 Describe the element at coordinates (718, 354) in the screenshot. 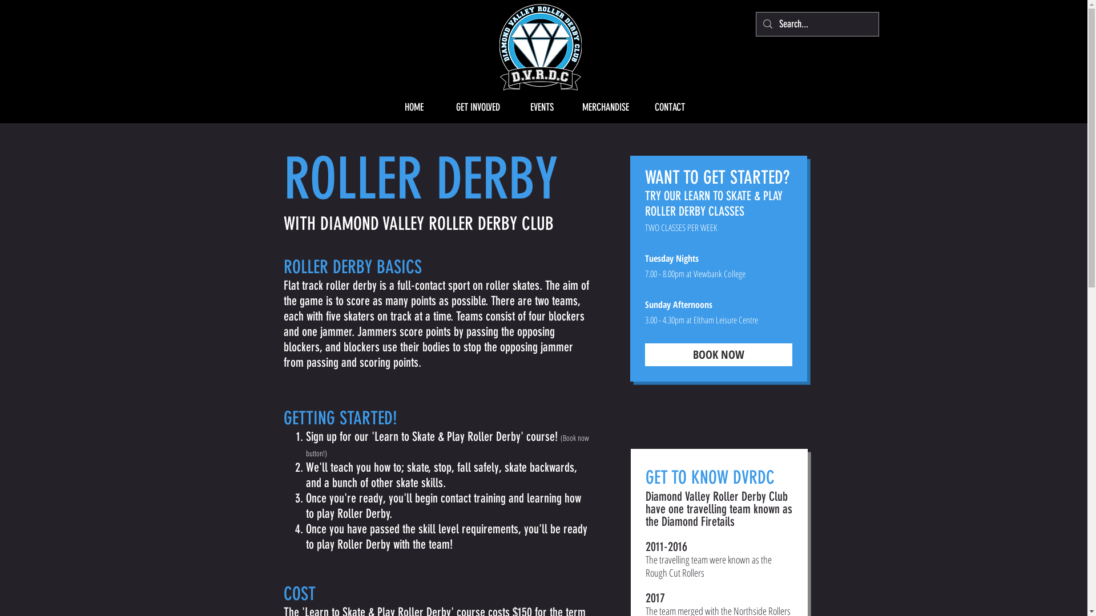

I see `'BOOK NOW'` at that location.